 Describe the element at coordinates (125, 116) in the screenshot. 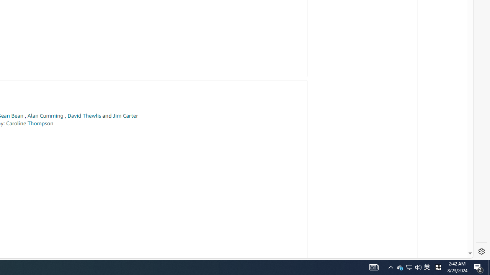

I see `'Jim Carter'` at that location.